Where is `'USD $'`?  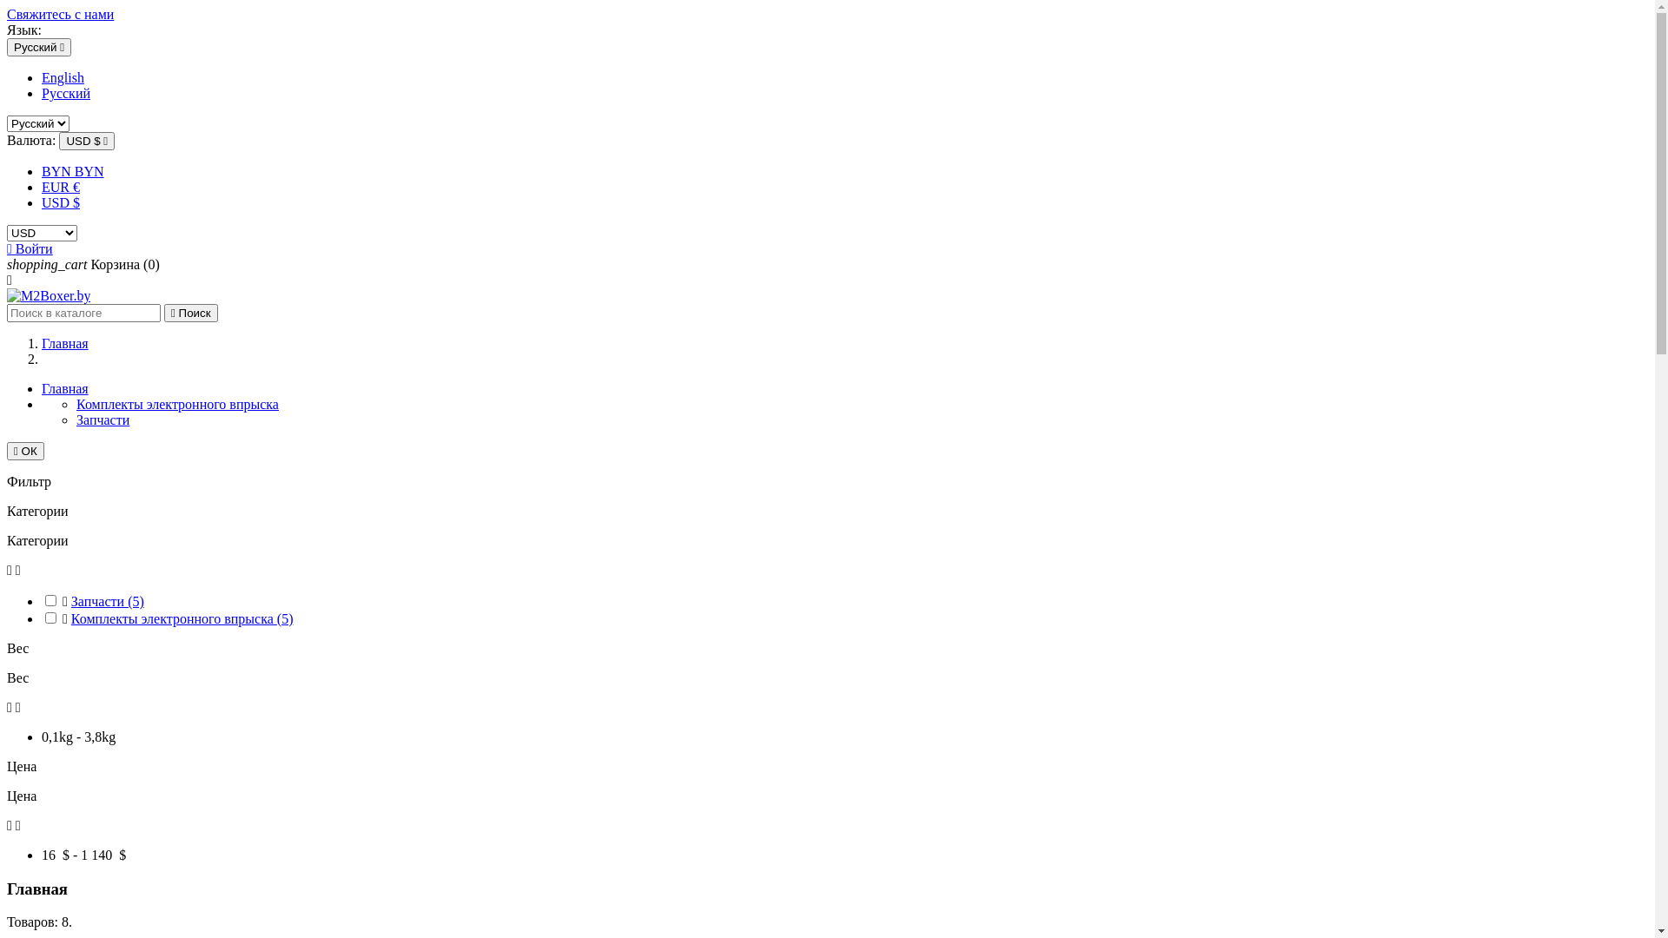
'USD $' is located at coordinates (42, 201).